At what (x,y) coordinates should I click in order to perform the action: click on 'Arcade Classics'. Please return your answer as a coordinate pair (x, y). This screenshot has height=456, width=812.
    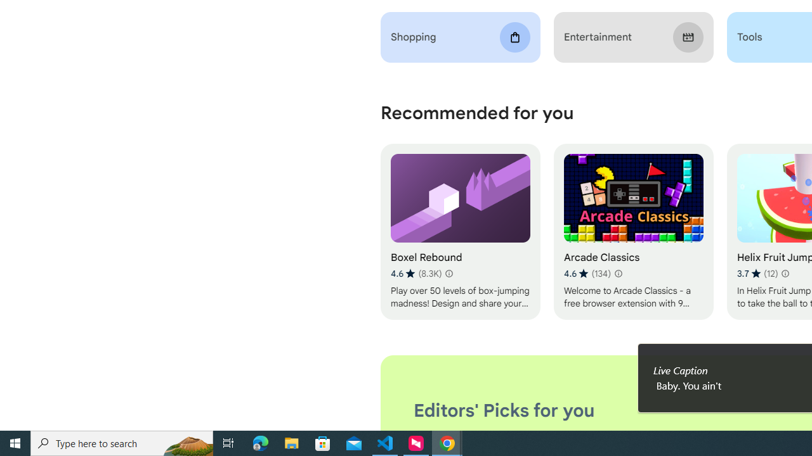
    Looking at the image, I should click on (633, 232).